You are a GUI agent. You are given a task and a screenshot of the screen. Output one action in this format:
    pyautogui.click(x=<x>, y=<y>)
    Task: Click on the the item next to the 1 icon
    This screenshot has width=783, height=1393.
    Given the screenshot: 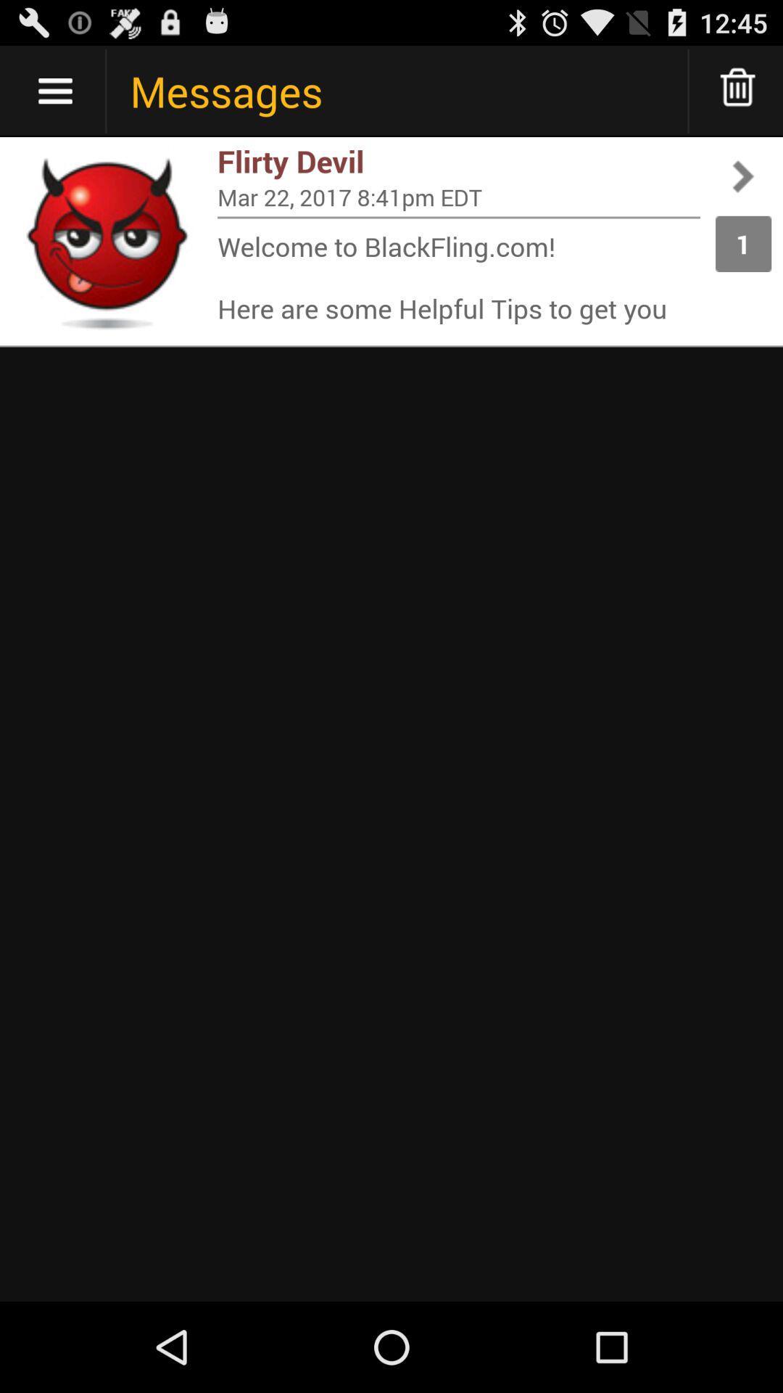 What is the action you would take?
    pyautogui.click(x=458, y=276)
    